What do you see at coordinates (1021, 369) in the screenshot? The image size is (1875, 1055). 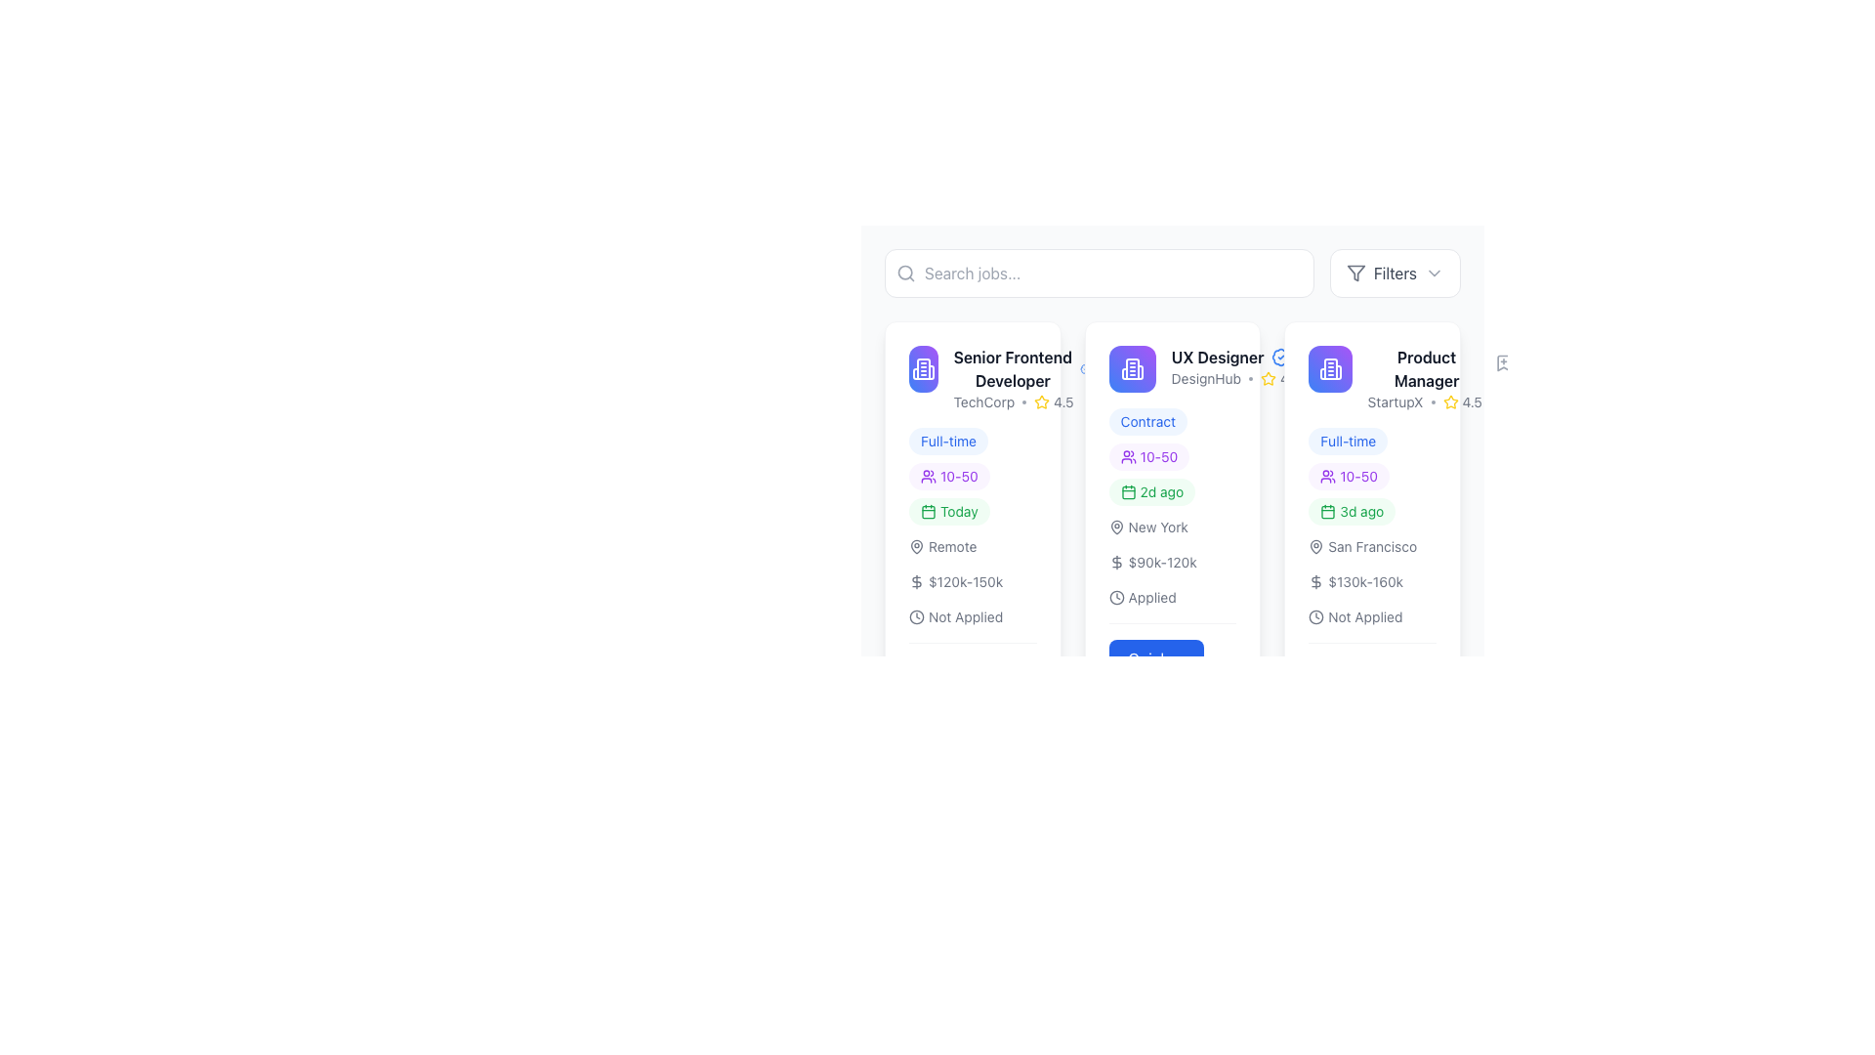 I see `text label displaying the job title 'Senior Frontend Developer', which is prominently positioned at the top of the left job listing card, adjacent to a blue icon and a badge icon` at bounding box center [1021, 369].